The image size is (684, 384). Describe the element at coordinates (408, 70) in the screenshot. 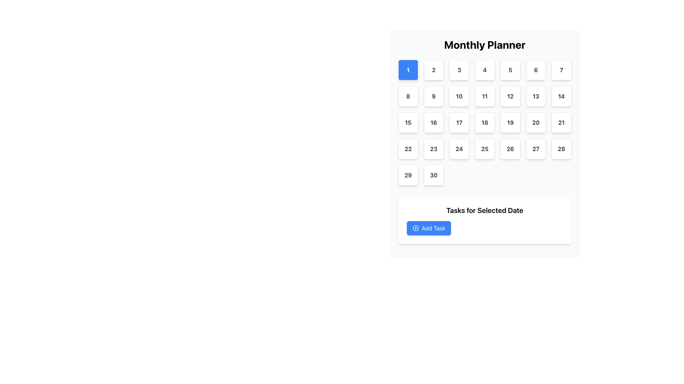

I see `the button representing the selectable option for the number '1' in the calendar grid layout for interactive feedback` at that location.